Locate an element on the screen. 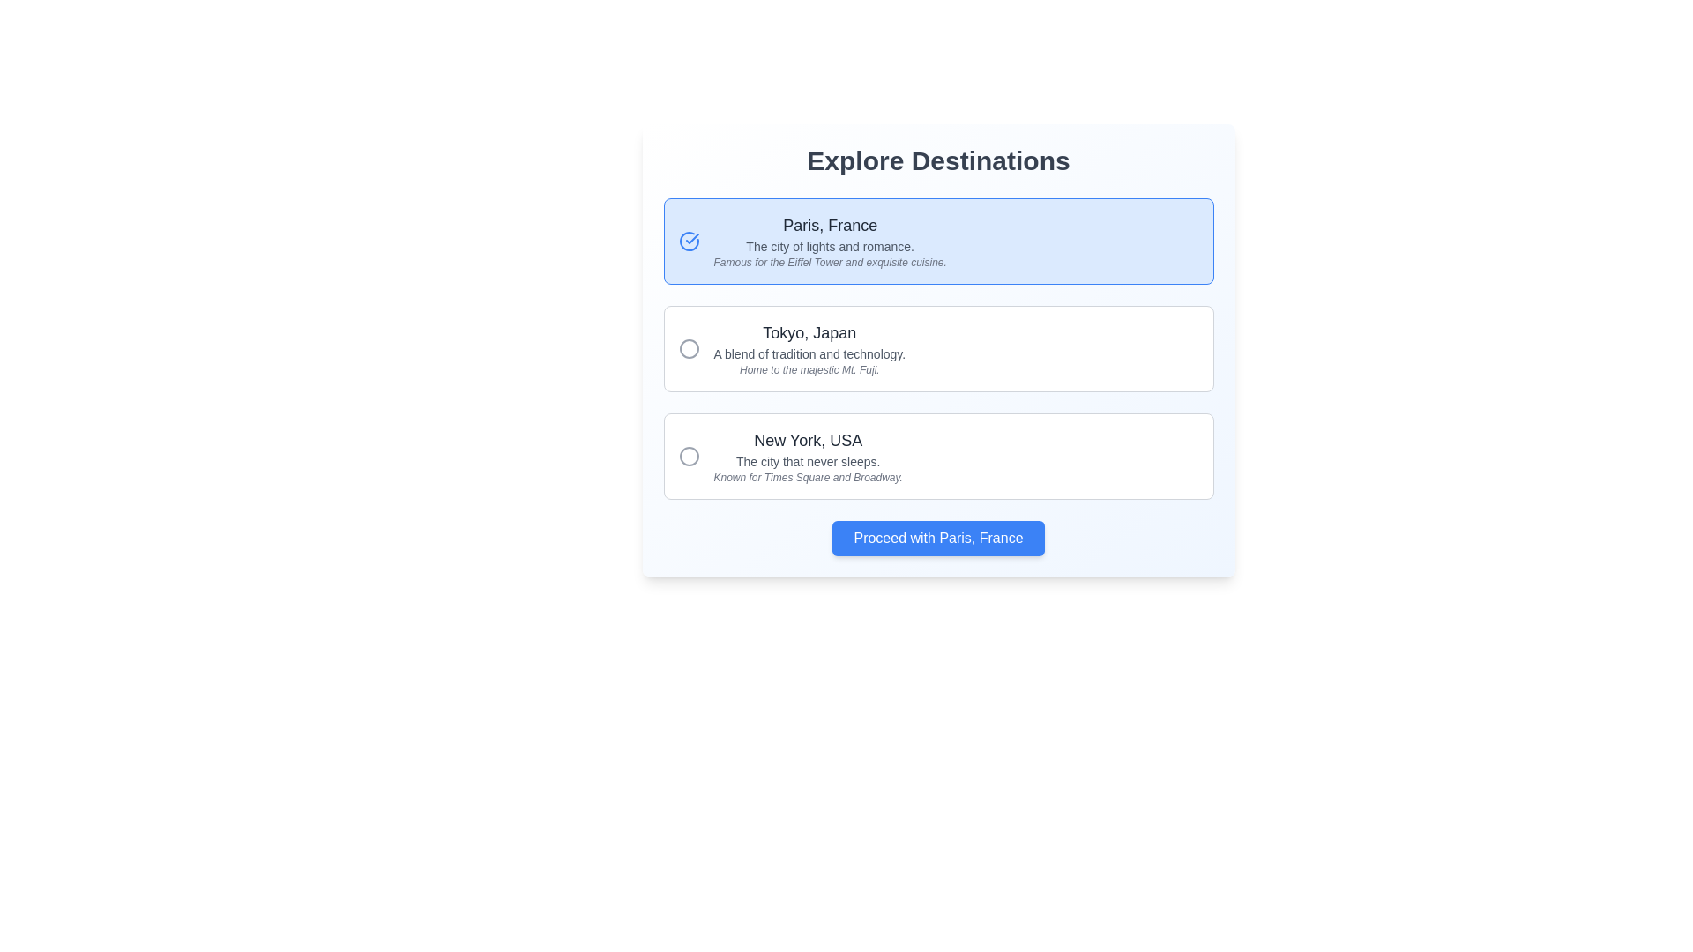 This screenshot has width=1693, height=952. the non-checked radio button located to the left of the text 'Tokyo, Japan' in the second option card is located at coordinates (688, 349).